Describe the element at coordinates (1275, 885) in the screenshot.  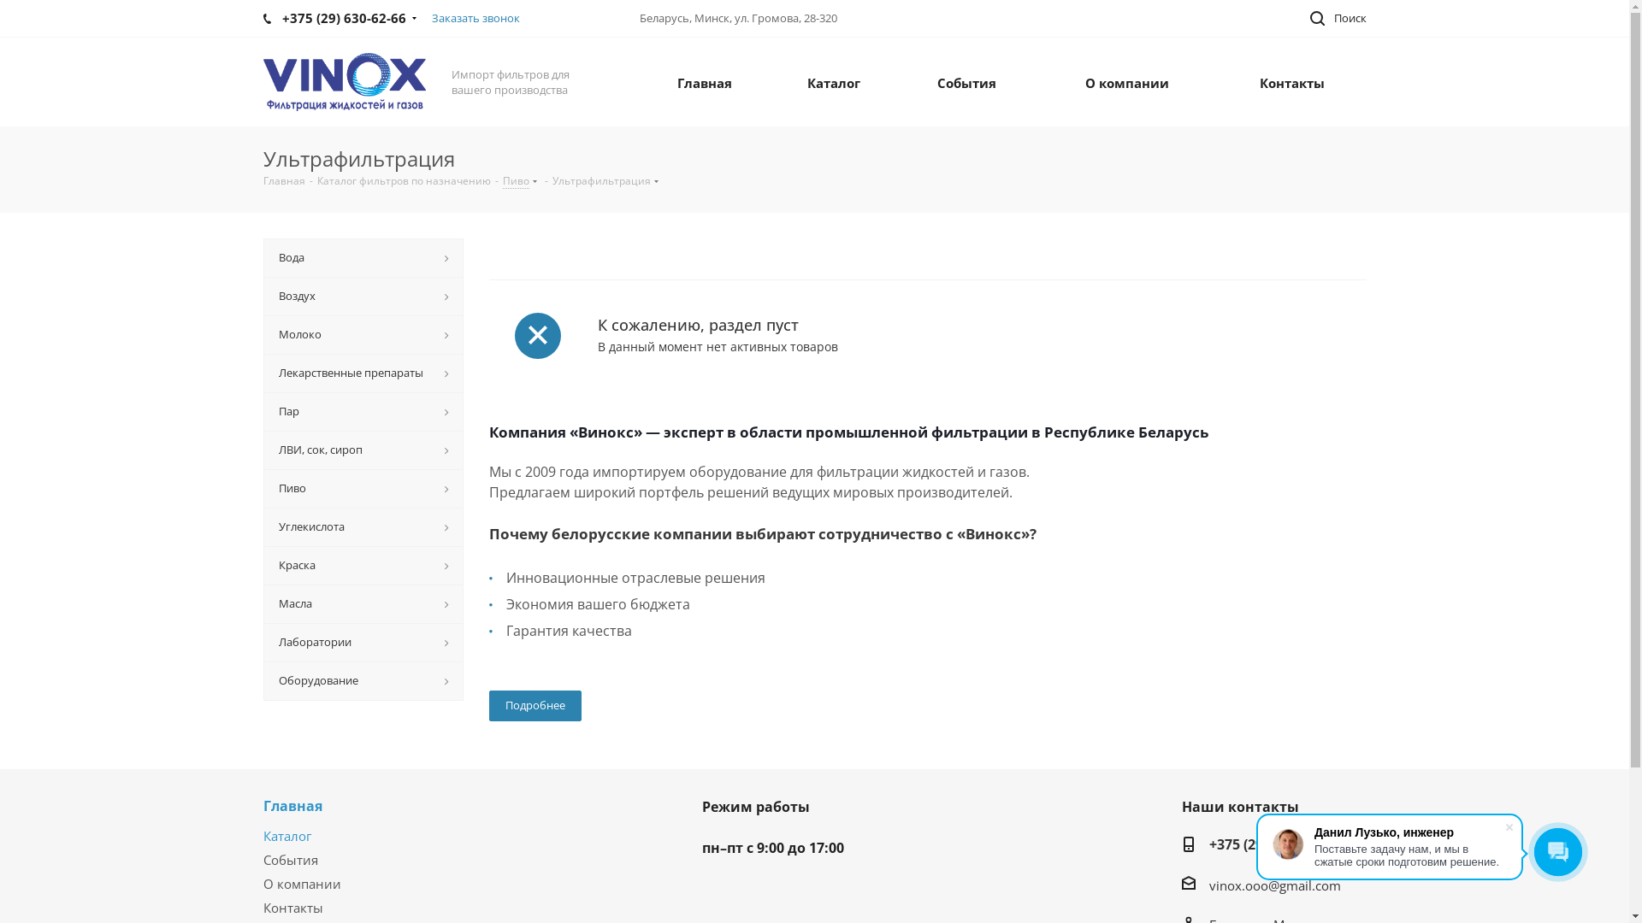
I see `'vinox.ooo@gmail.com'` at that location.